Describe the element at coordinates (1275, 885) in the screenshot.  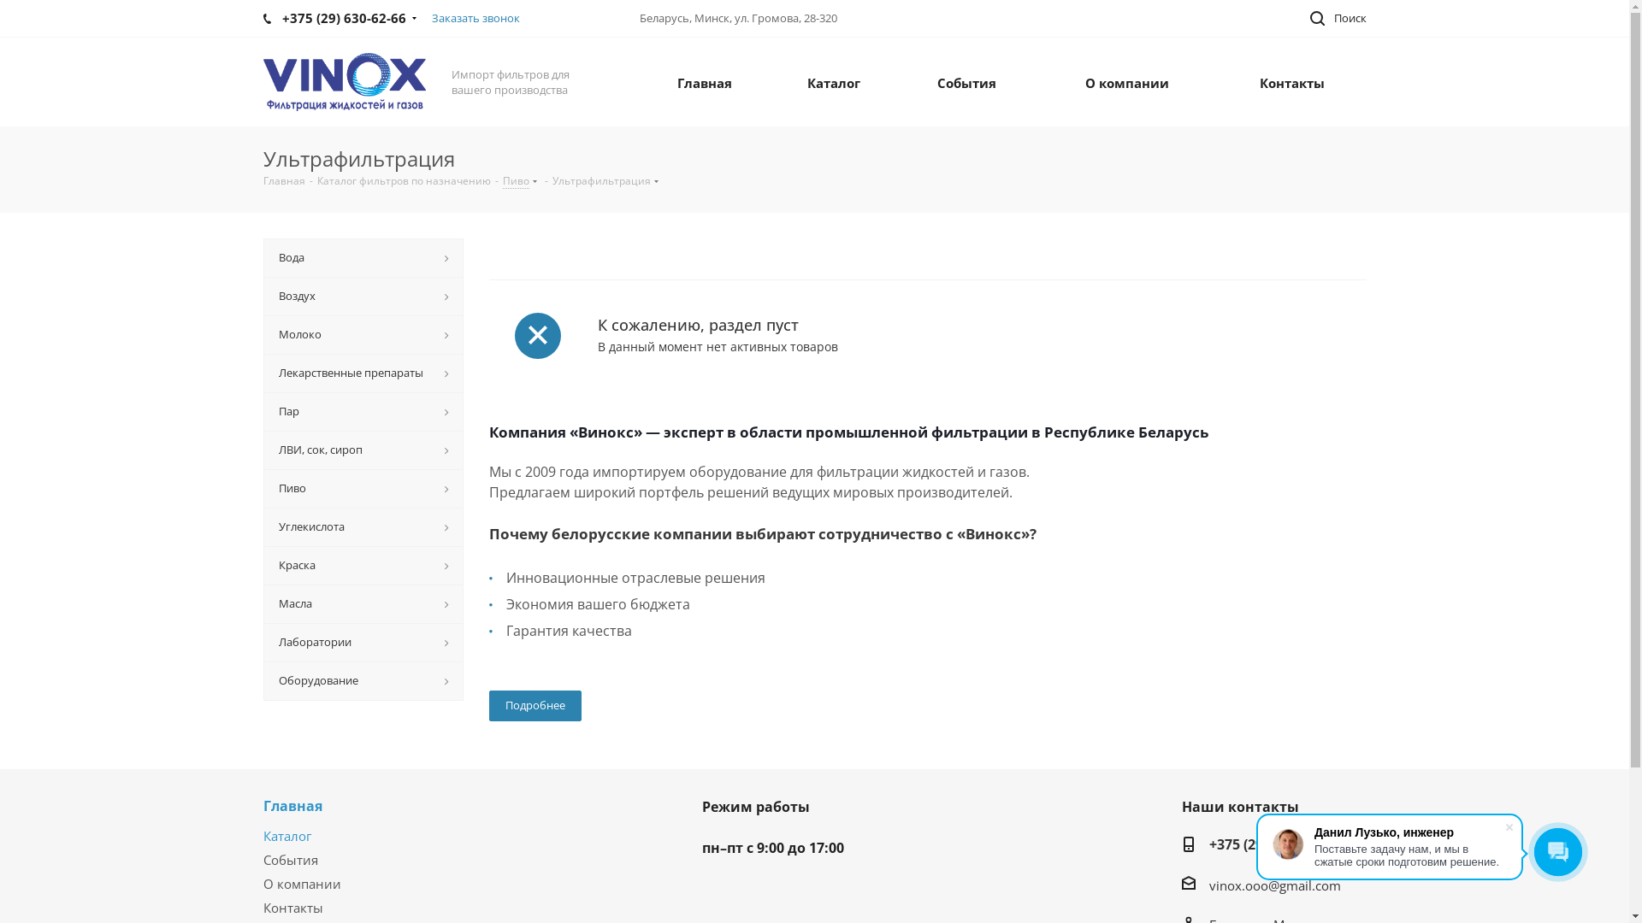
I see `'vinox.ooo@gmail.com'` at that location.